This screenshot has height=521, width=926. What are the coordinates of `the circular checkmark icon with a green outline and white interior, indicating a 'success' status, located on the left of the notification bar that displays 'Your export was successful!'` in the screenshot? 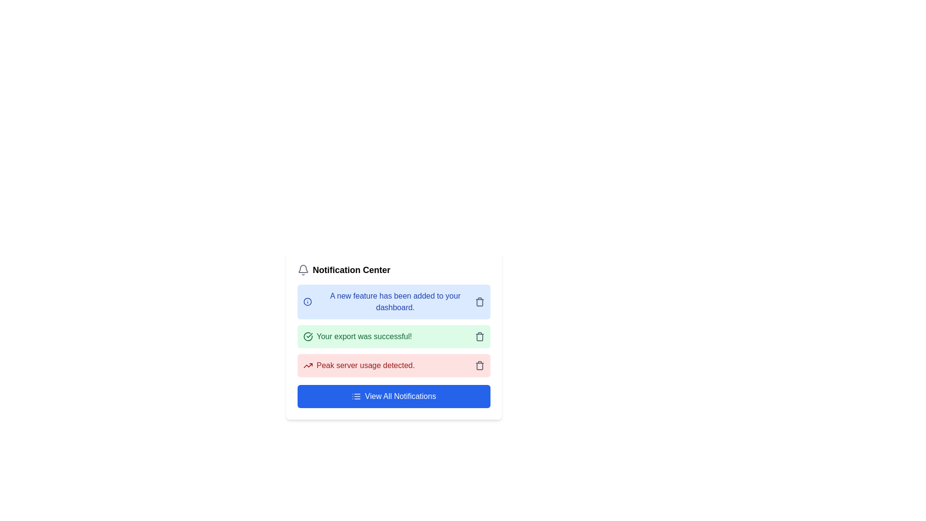 It's located at (307, 336).